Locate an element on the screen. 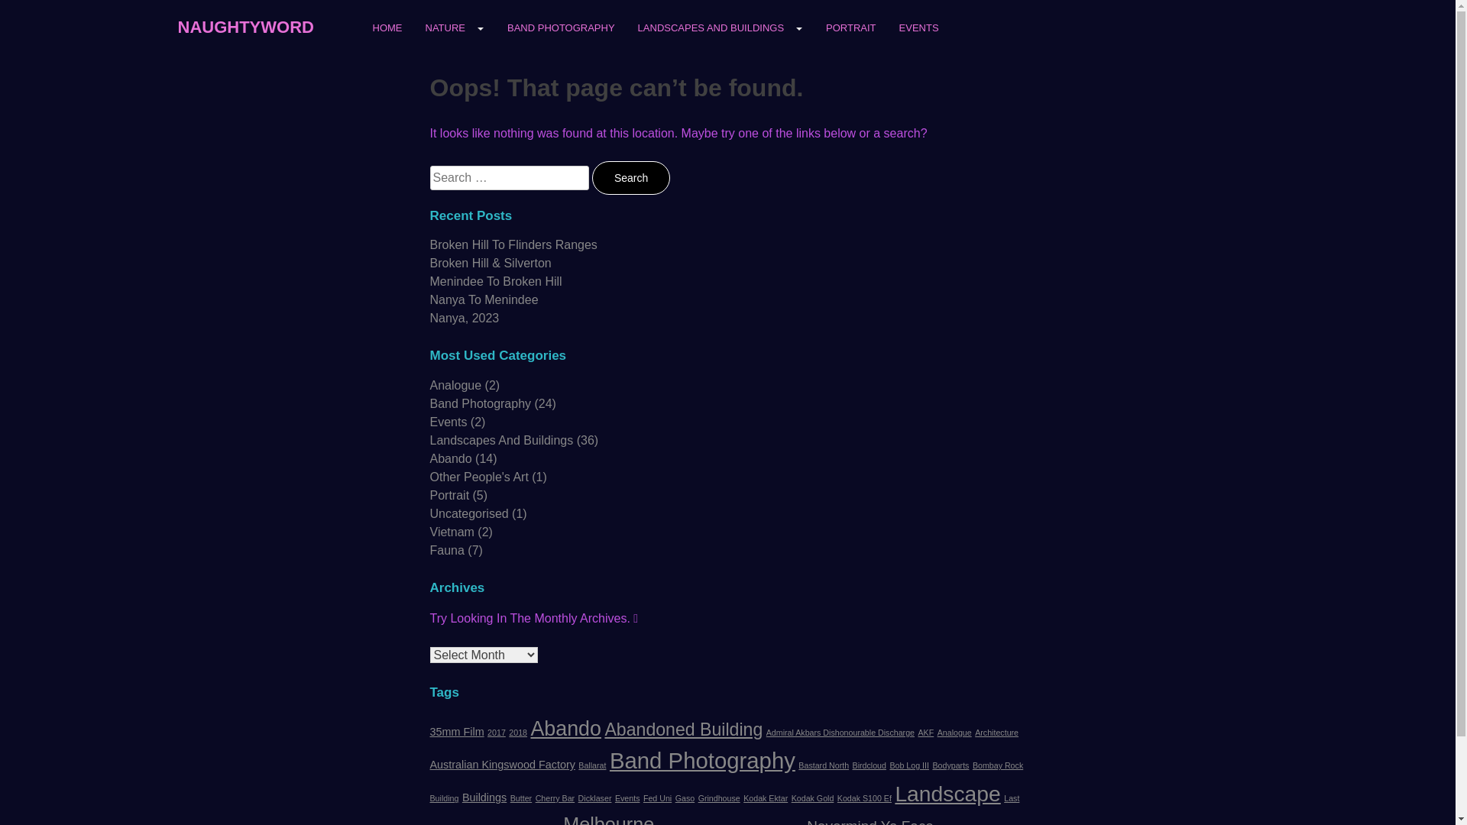 Image resolution: width=1467 pixels, height=825 pixels. 'Band Photography' is located at coordinates (479, 403).